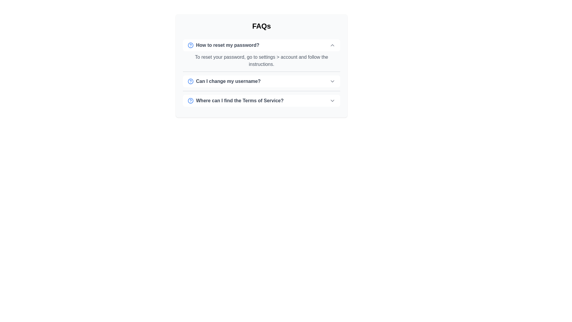  I want to click on the collapsible question item that reads 'Where can I find the Terms of Service?', so click(262, 100).